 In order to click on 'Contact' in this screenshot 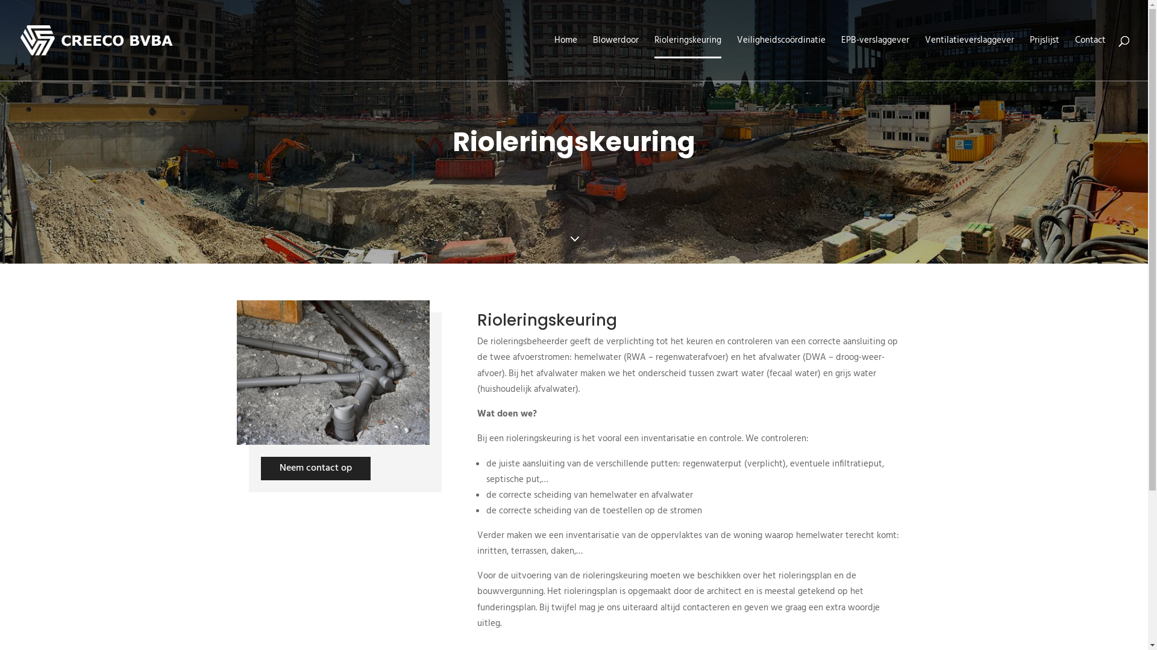, I will do `click(1075, 58)`.